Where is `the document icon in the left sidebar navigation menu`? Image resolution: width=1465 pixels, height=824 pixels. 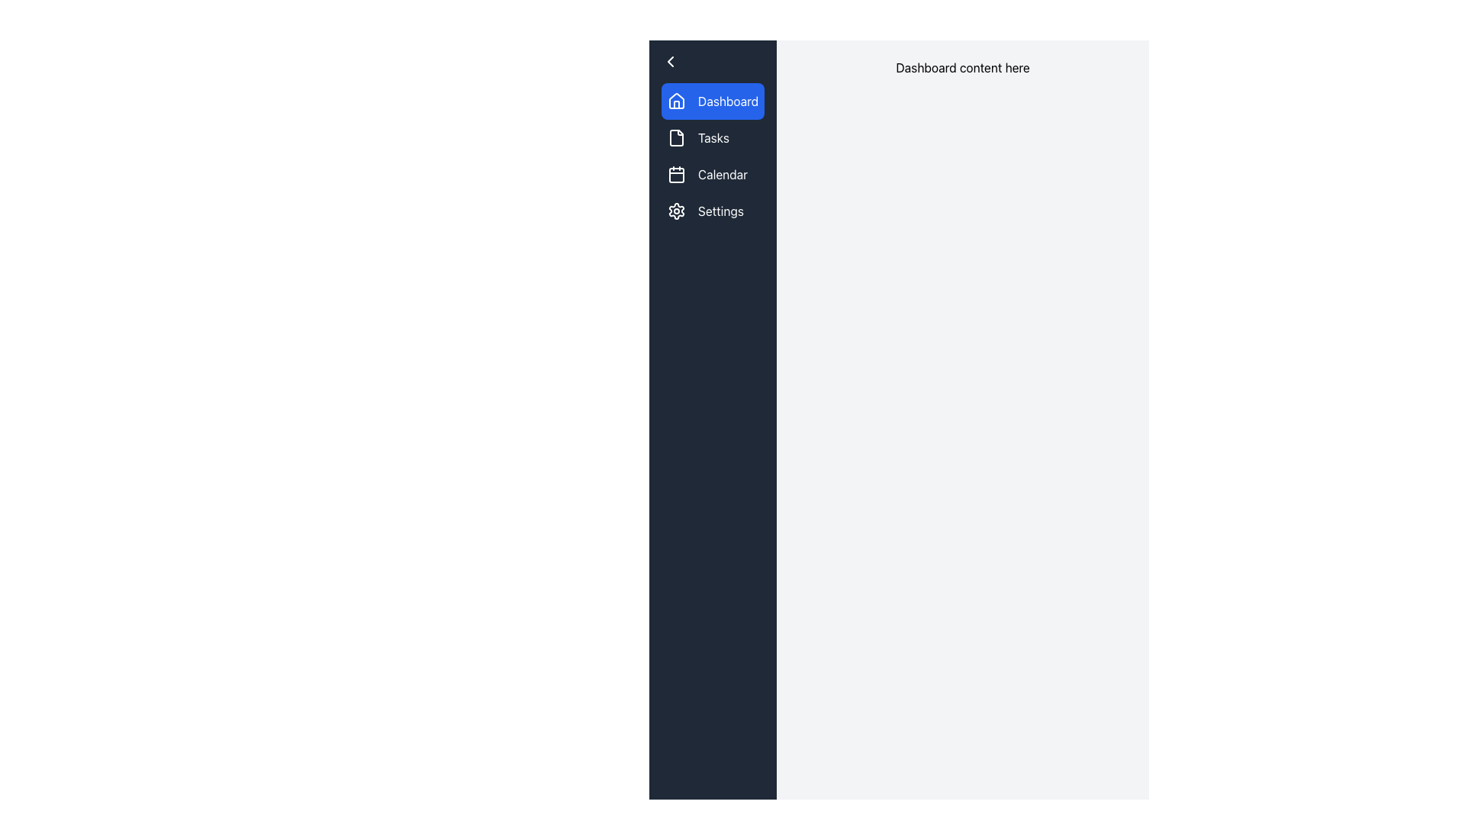
the document icon in the left sidebar navigation menu is located at coordinates (676, 138).